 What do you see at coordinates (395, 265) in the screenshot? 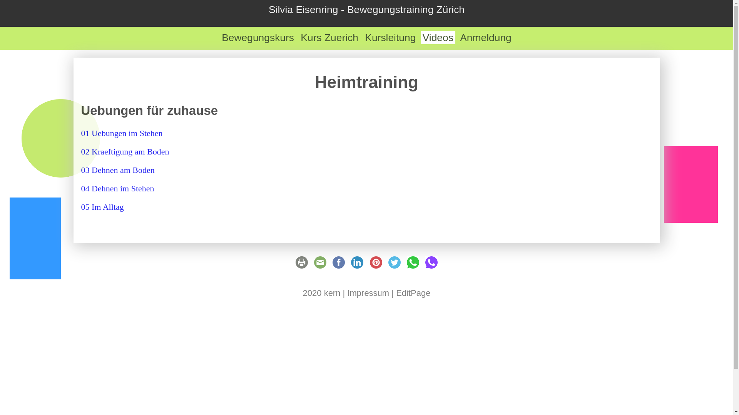
I see `'Twitter'` at bounding box center [395, 265].